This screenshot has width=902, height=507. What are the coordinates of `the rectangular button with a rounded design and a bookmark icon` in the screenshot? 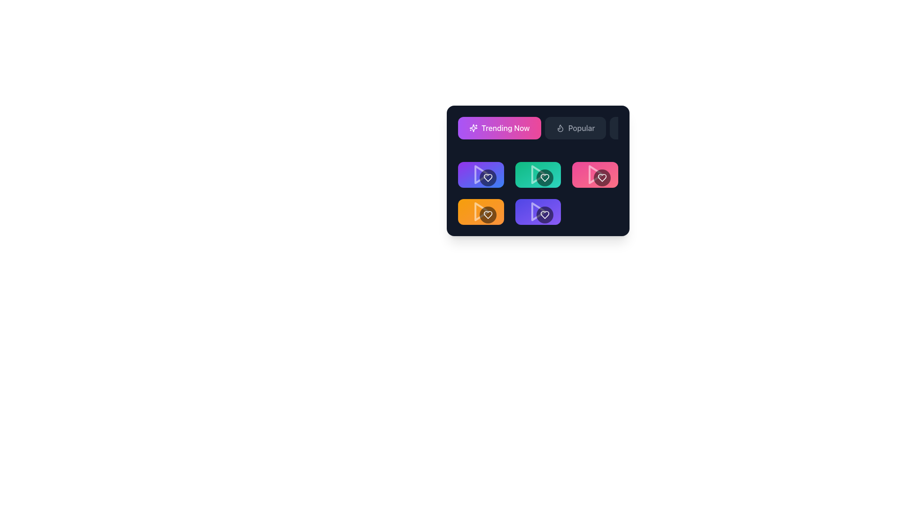 It's located at (620, 170).